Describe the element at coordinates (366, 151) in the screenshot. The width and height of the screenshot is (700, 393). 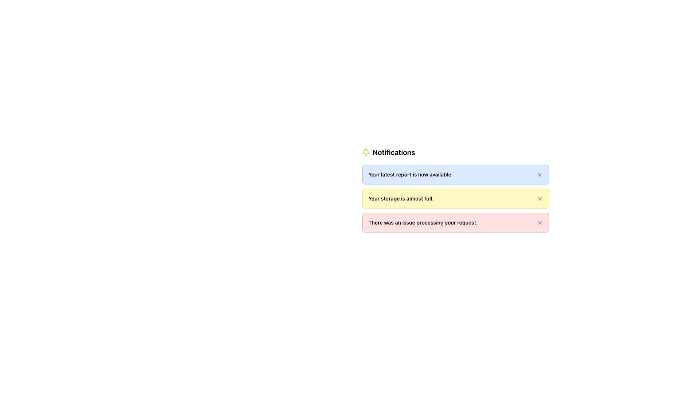
I see `the lower part of the bell icon` at that location.